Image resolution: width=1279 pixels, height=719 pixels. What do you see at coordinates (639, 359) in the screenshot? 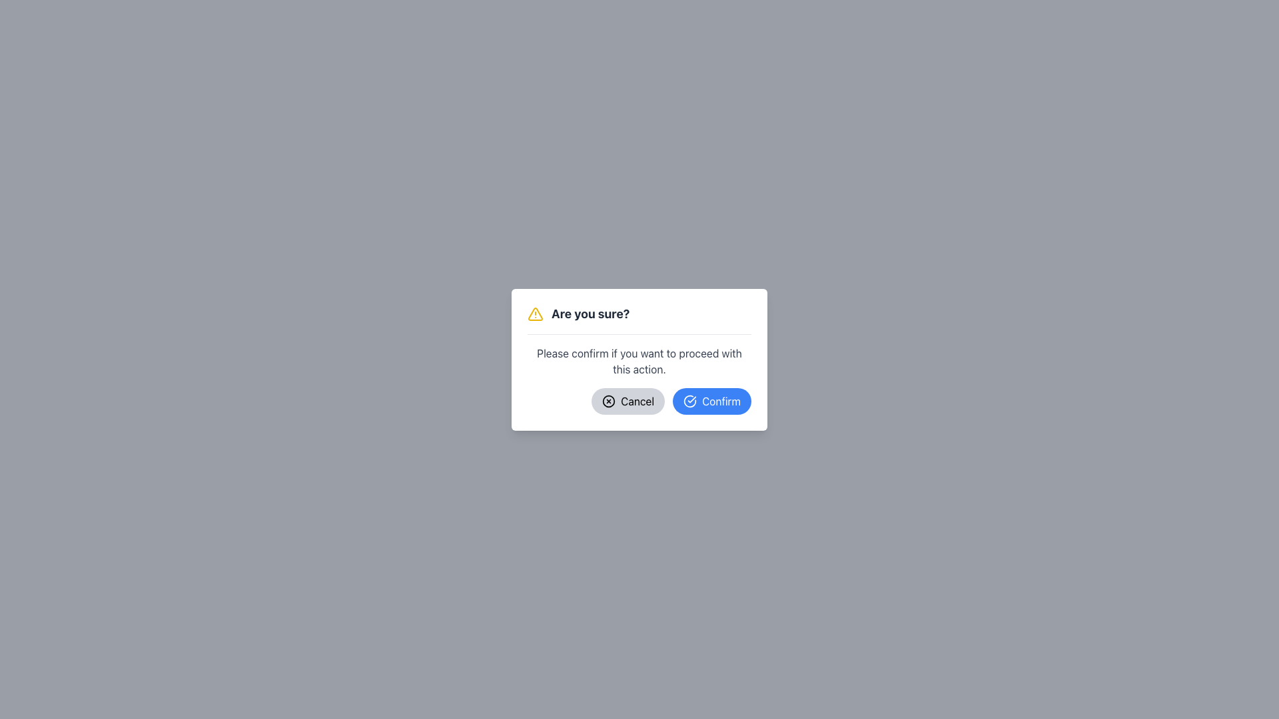
I see `message content of the modal dialog box that prompts 'Are you sure?' and 'Please confirm if you want to proceed with this action.'` at bounding box center [639, 359].